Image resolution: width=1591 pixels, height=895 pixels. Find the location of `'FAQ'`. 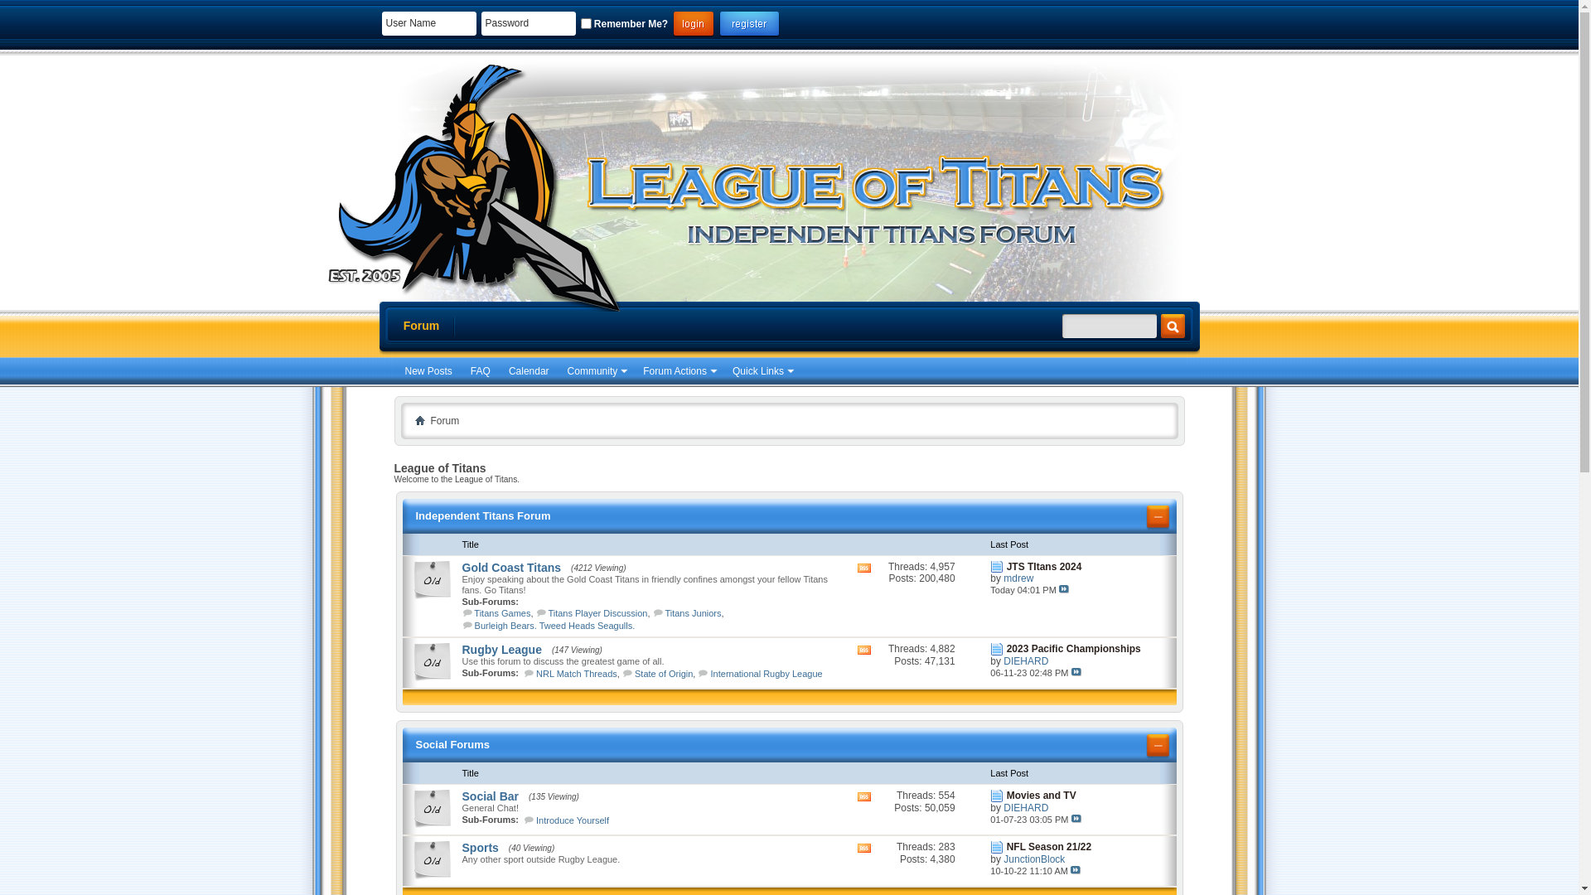

'FAQ' is located at coordinates (480, 370).